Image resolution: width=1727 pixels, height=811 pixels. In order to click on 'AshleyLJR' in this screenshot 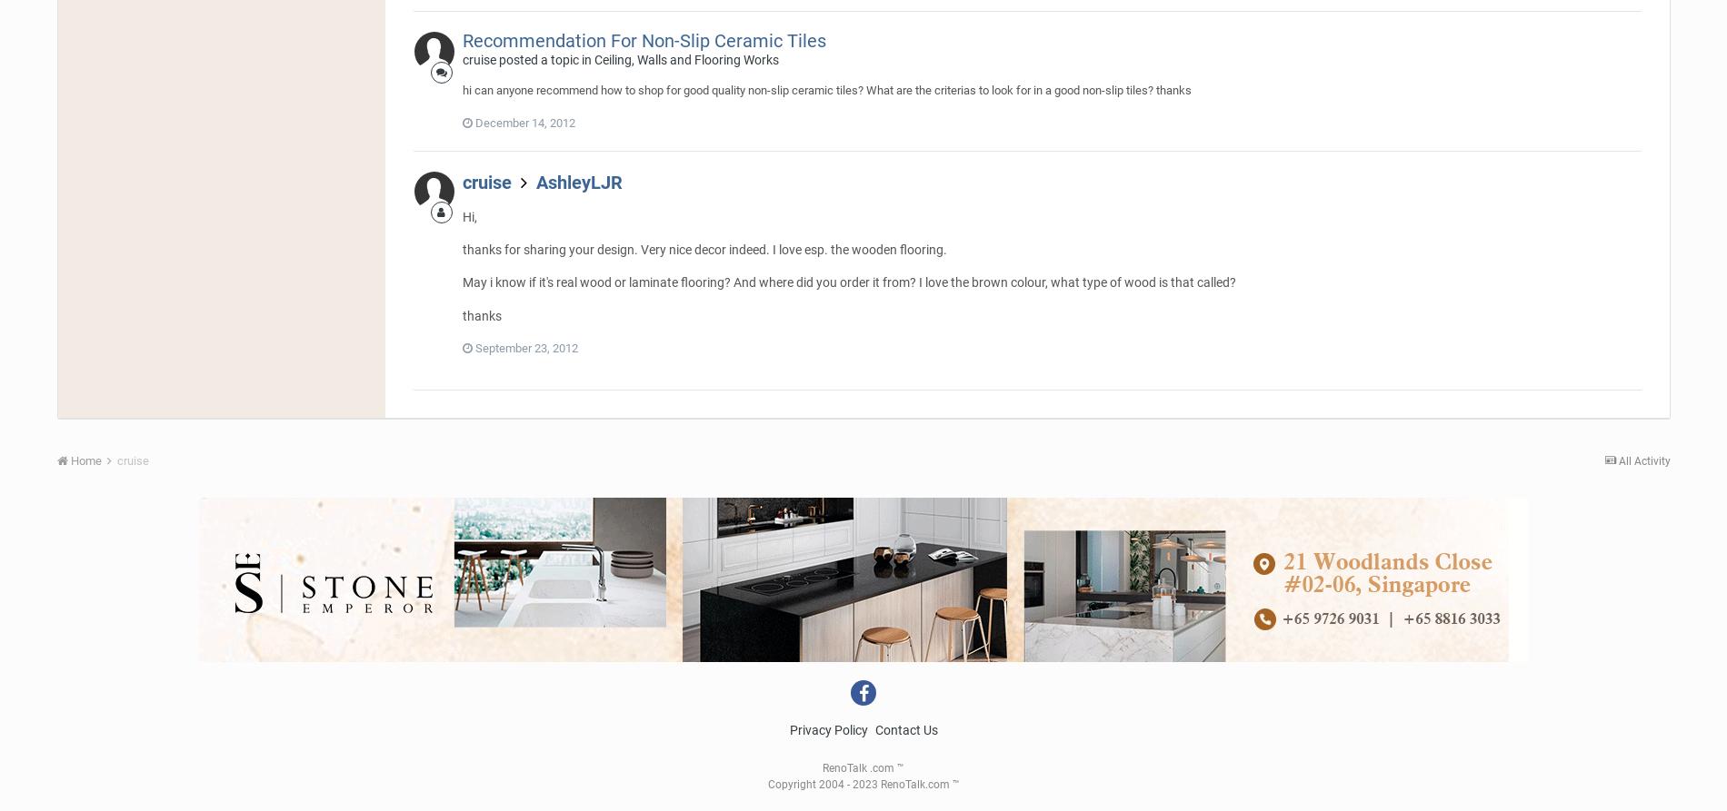, I will do `click(578, 181)`.